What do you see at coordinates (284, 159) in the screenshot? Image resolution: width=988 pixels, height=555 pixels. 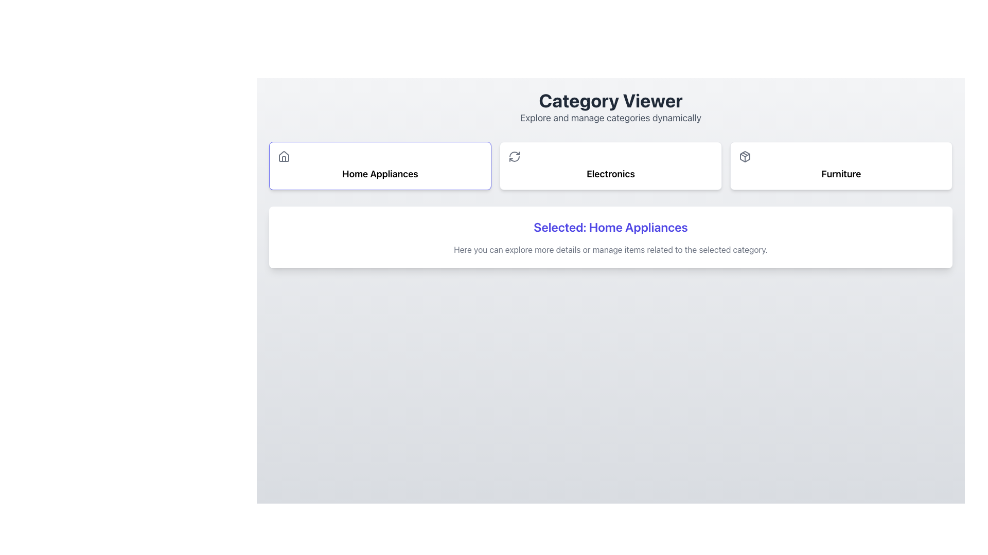 I see `the vertical rectangular shape resembling a door located at the bottom middle section of the house-shaped icon within the 'Home Appliances' button group in the user interface` at bounding box center [284, 159].